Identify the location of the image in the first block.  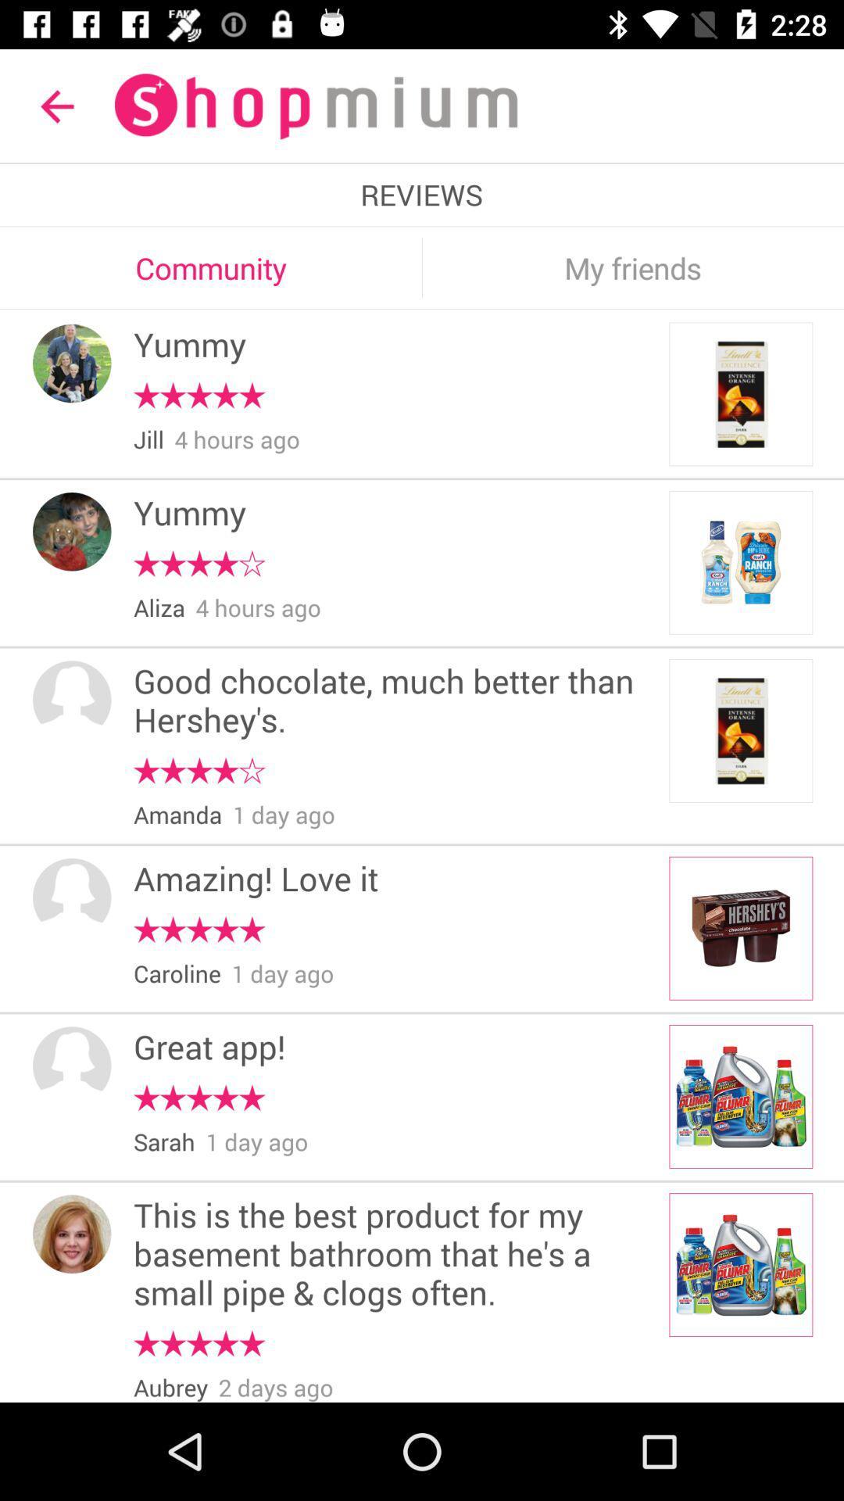
(740, 394).